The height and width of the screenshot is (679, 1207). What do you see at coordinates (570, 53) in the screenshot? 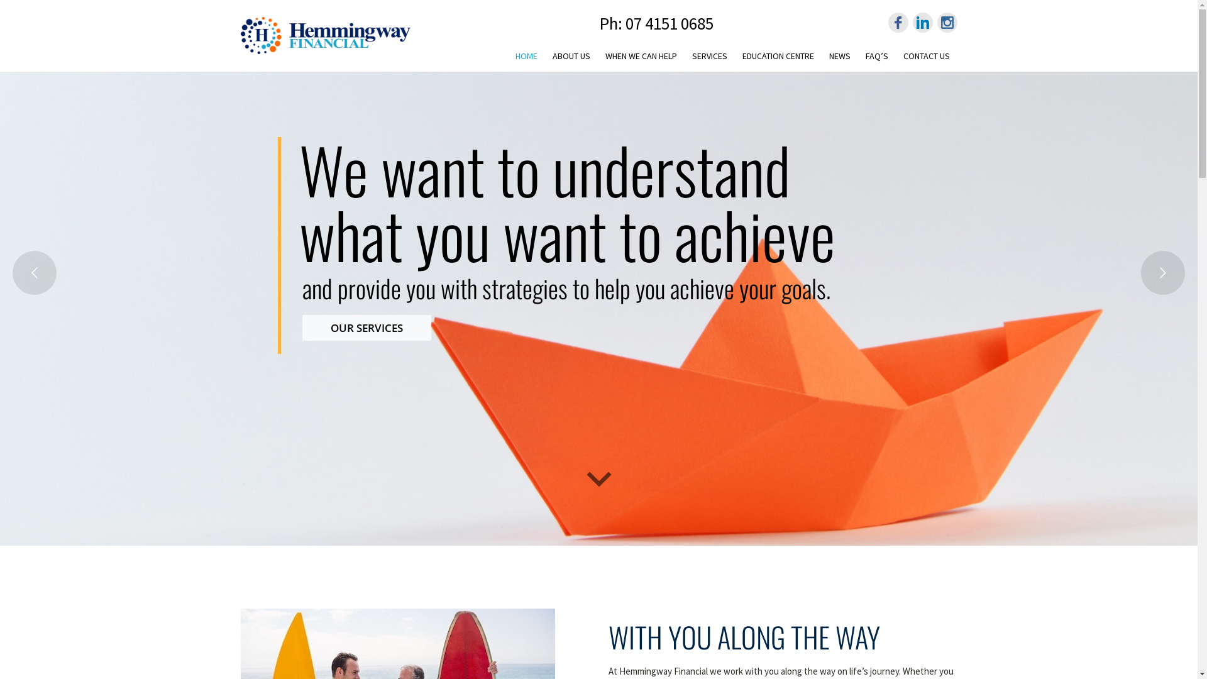
I see `'ABOUT US'` at bounding box center [570, 53].